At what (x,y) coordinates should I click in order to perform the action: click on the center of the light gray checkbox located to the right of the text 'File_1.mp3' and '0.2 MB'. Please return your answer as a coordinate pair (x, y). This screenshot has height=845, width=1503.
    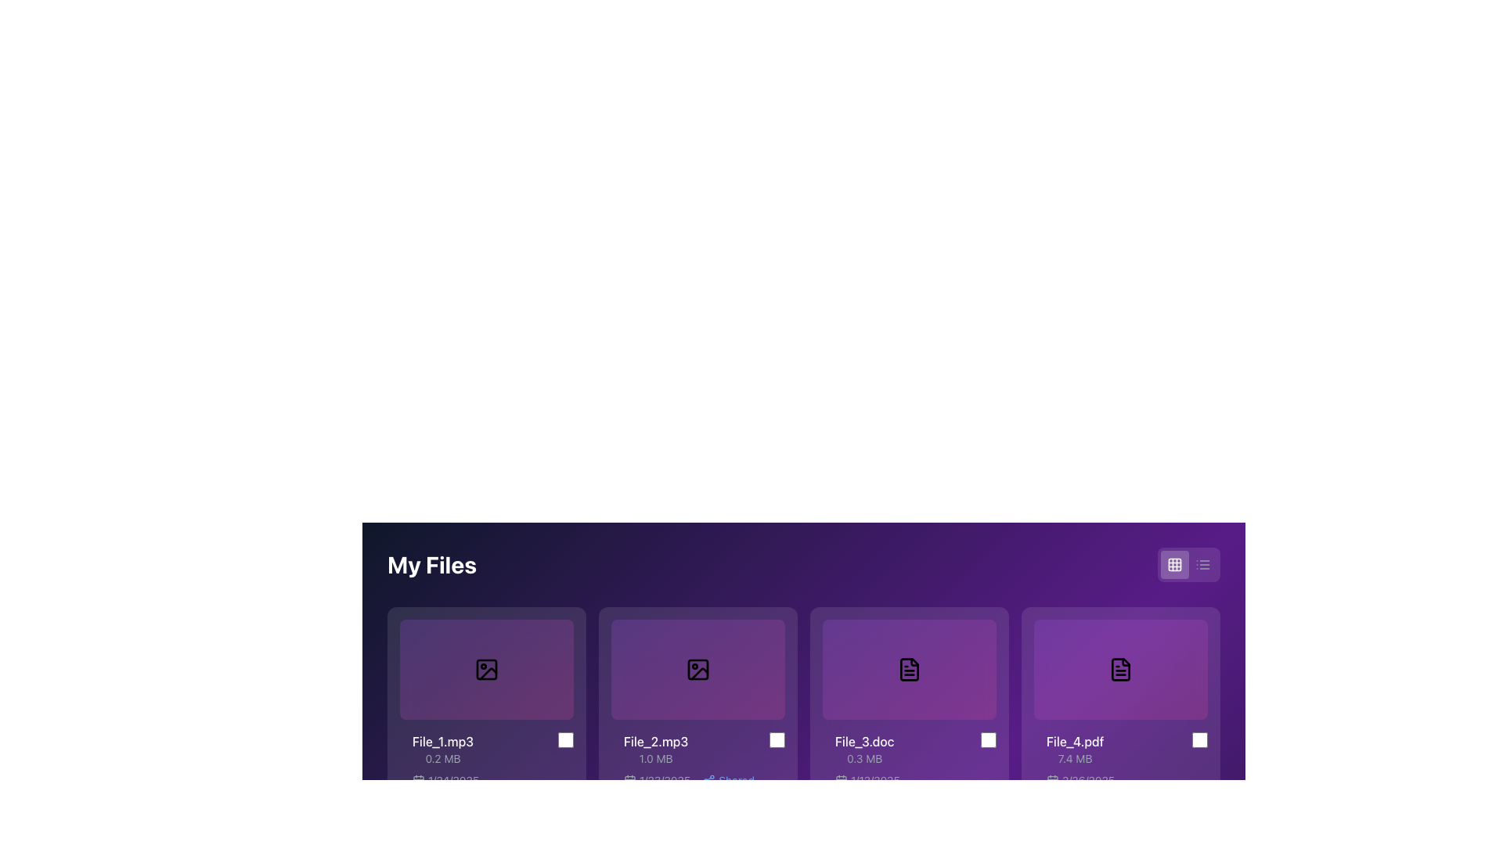
    Looking at the image, I should click on (565, 739).